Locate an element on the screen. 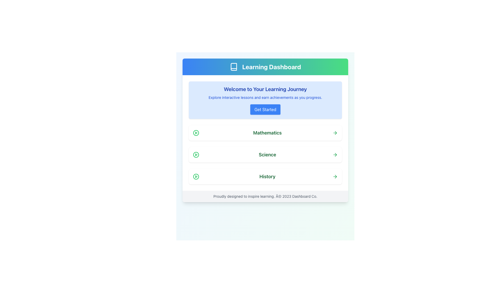  the 'History' text label which is styled in bold and dark green color, located centrally within the third card of a vertical stack of options is located at coordinates (267, 176).